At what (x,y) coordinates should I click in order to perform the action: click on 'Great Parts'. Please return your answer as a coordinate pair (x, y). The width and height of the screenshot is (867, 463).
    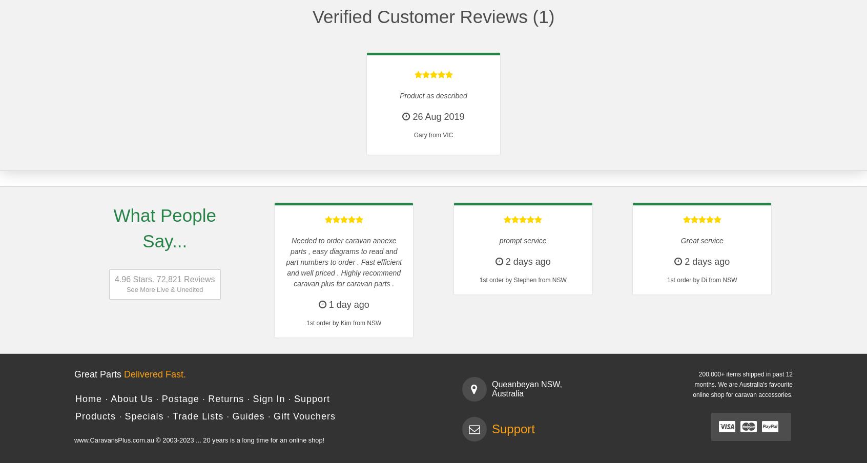
    Looking at the image, I should click on (98, 373).